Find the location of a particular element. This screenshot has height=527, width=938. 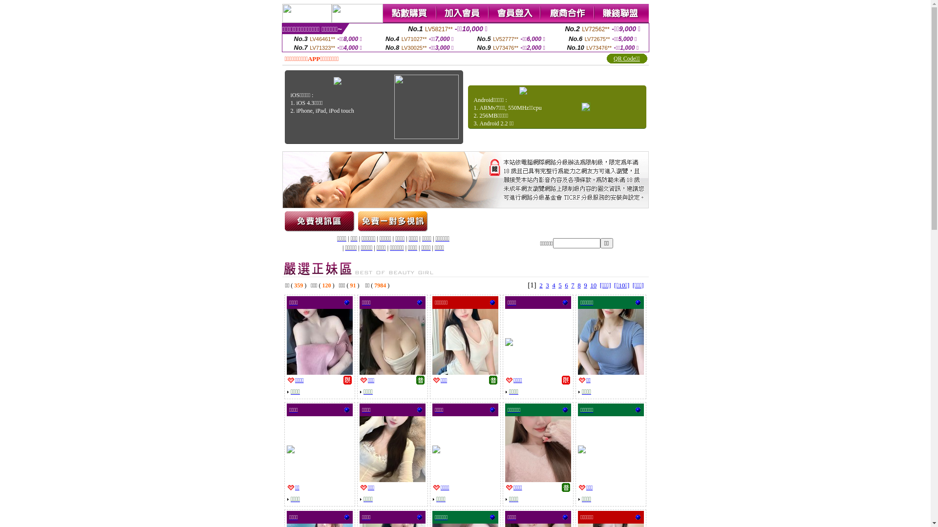

'3' is located at coordinates (547, 285).